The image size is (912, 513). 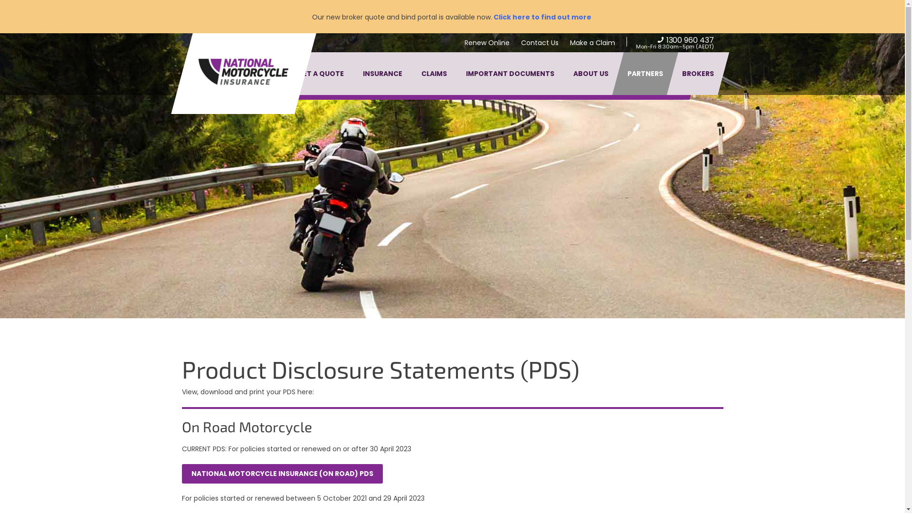 What do you see at coordinates (382, 73) in the screenshot?
I see `'INSURANCE'` at bounding box center [382, 73].